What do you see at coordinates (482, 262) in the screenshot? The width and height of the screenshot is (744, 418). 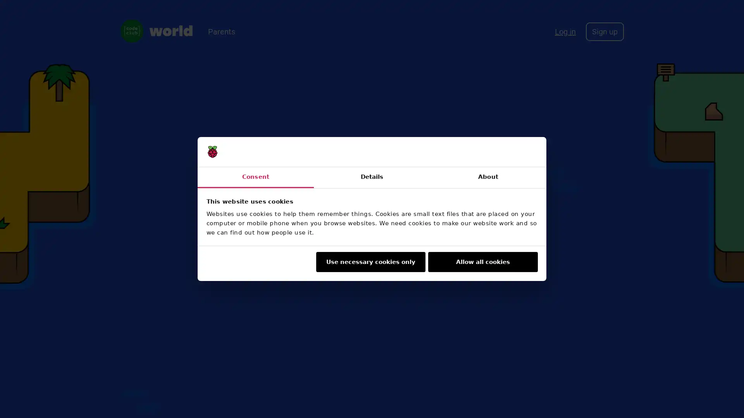 I see `Allow all cookies` at bounding box center [482, 262].